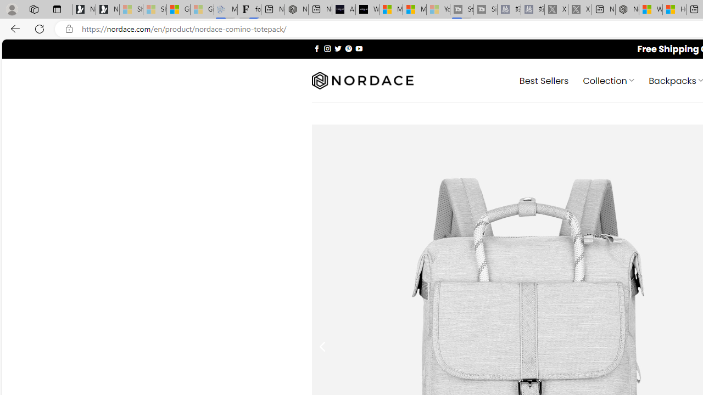  Describe the element at coordinates (391, 9) in the screenshot. I see `'Microsoft Start Sports'` at that location.